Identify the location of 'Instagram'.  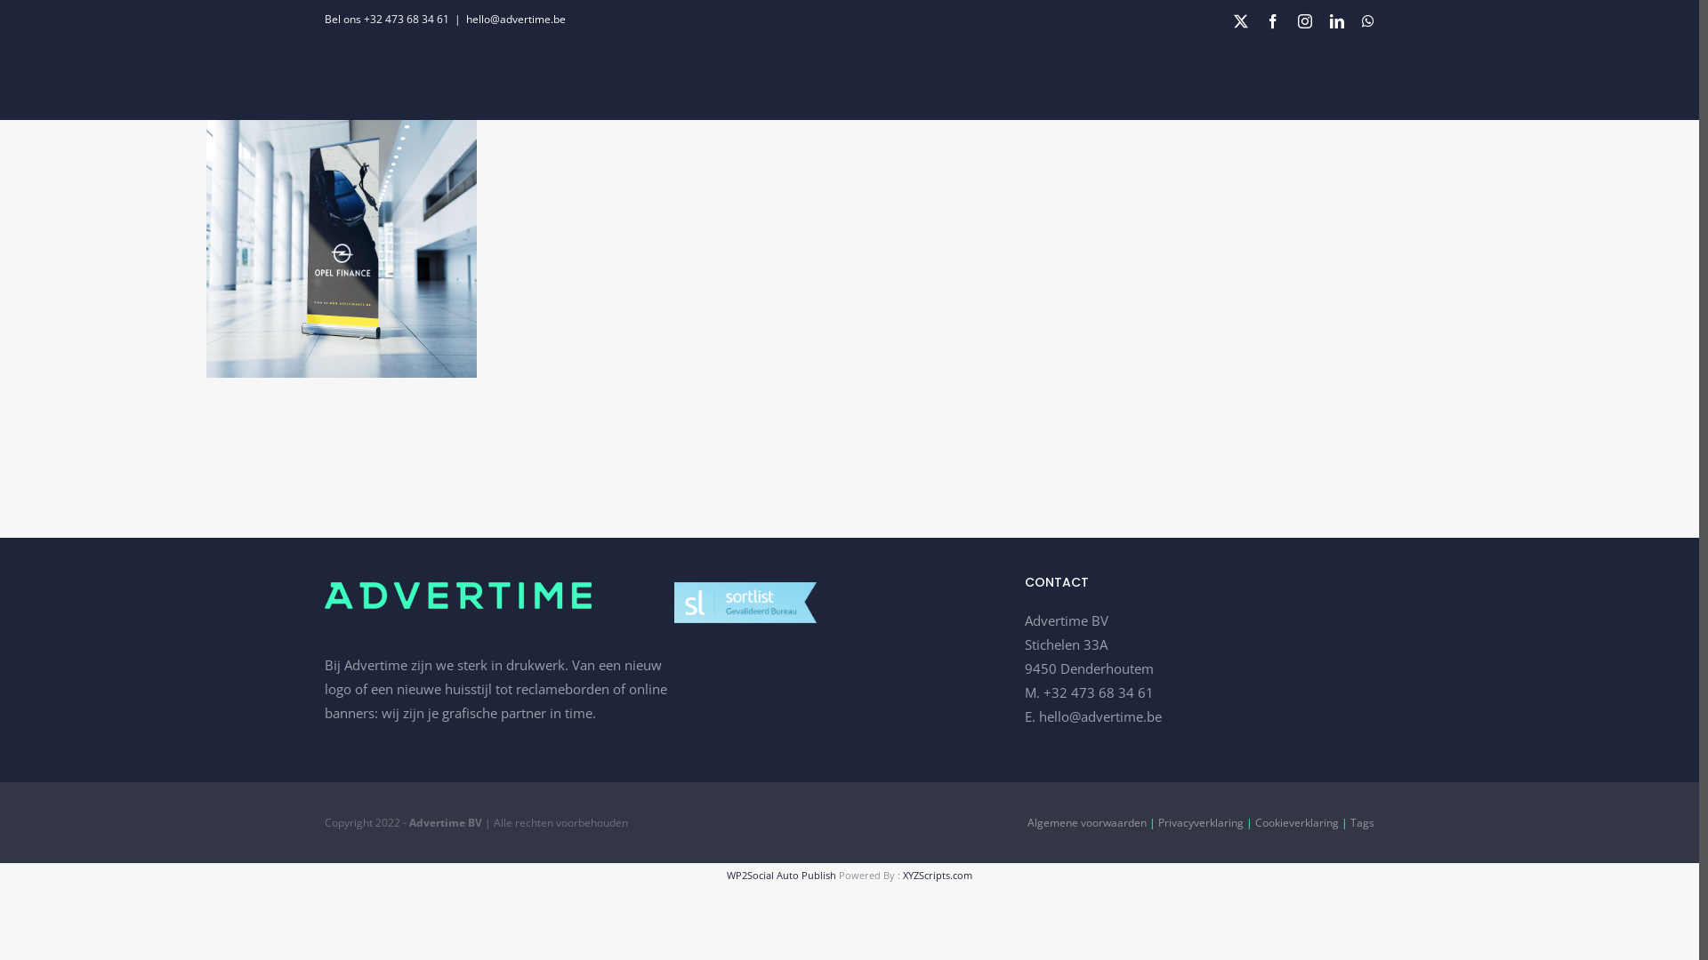
(1305, 20).